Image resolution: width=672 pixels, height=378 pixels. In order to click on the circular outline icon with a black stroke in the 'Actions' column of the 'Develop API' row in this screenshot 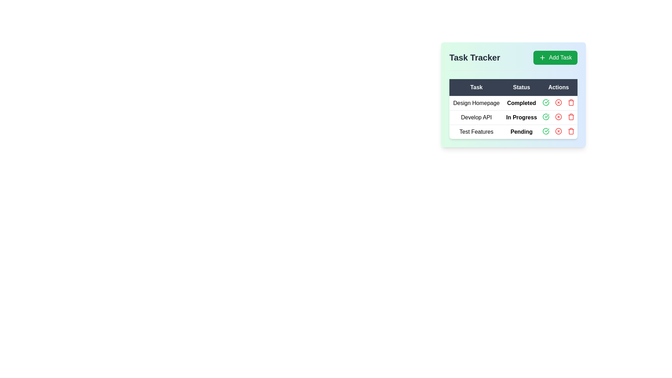, I will do `click(558, 117)`.